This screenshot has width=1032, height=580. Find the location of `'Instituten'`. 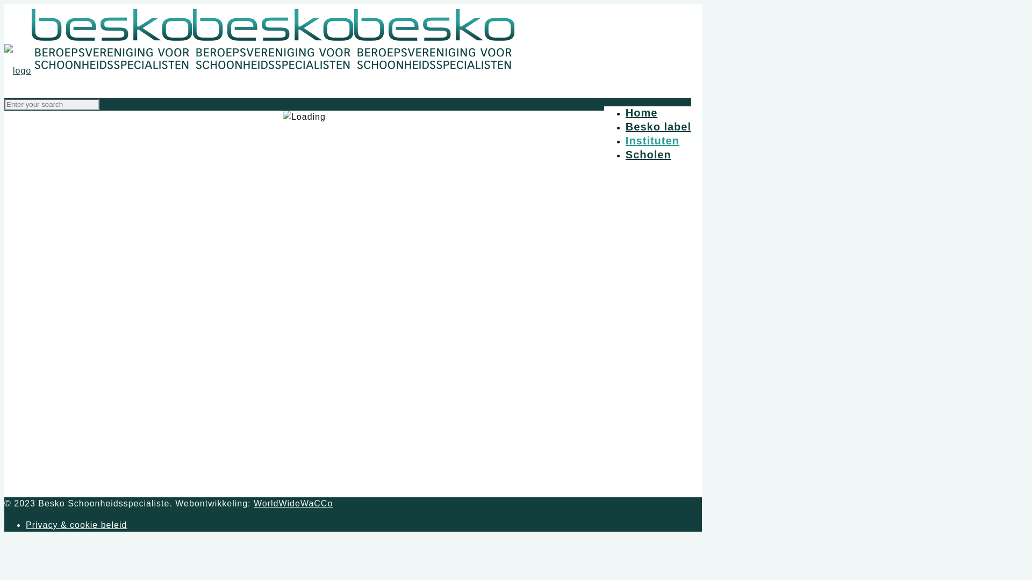

'Instituten' is located at coordinates (652, 140).